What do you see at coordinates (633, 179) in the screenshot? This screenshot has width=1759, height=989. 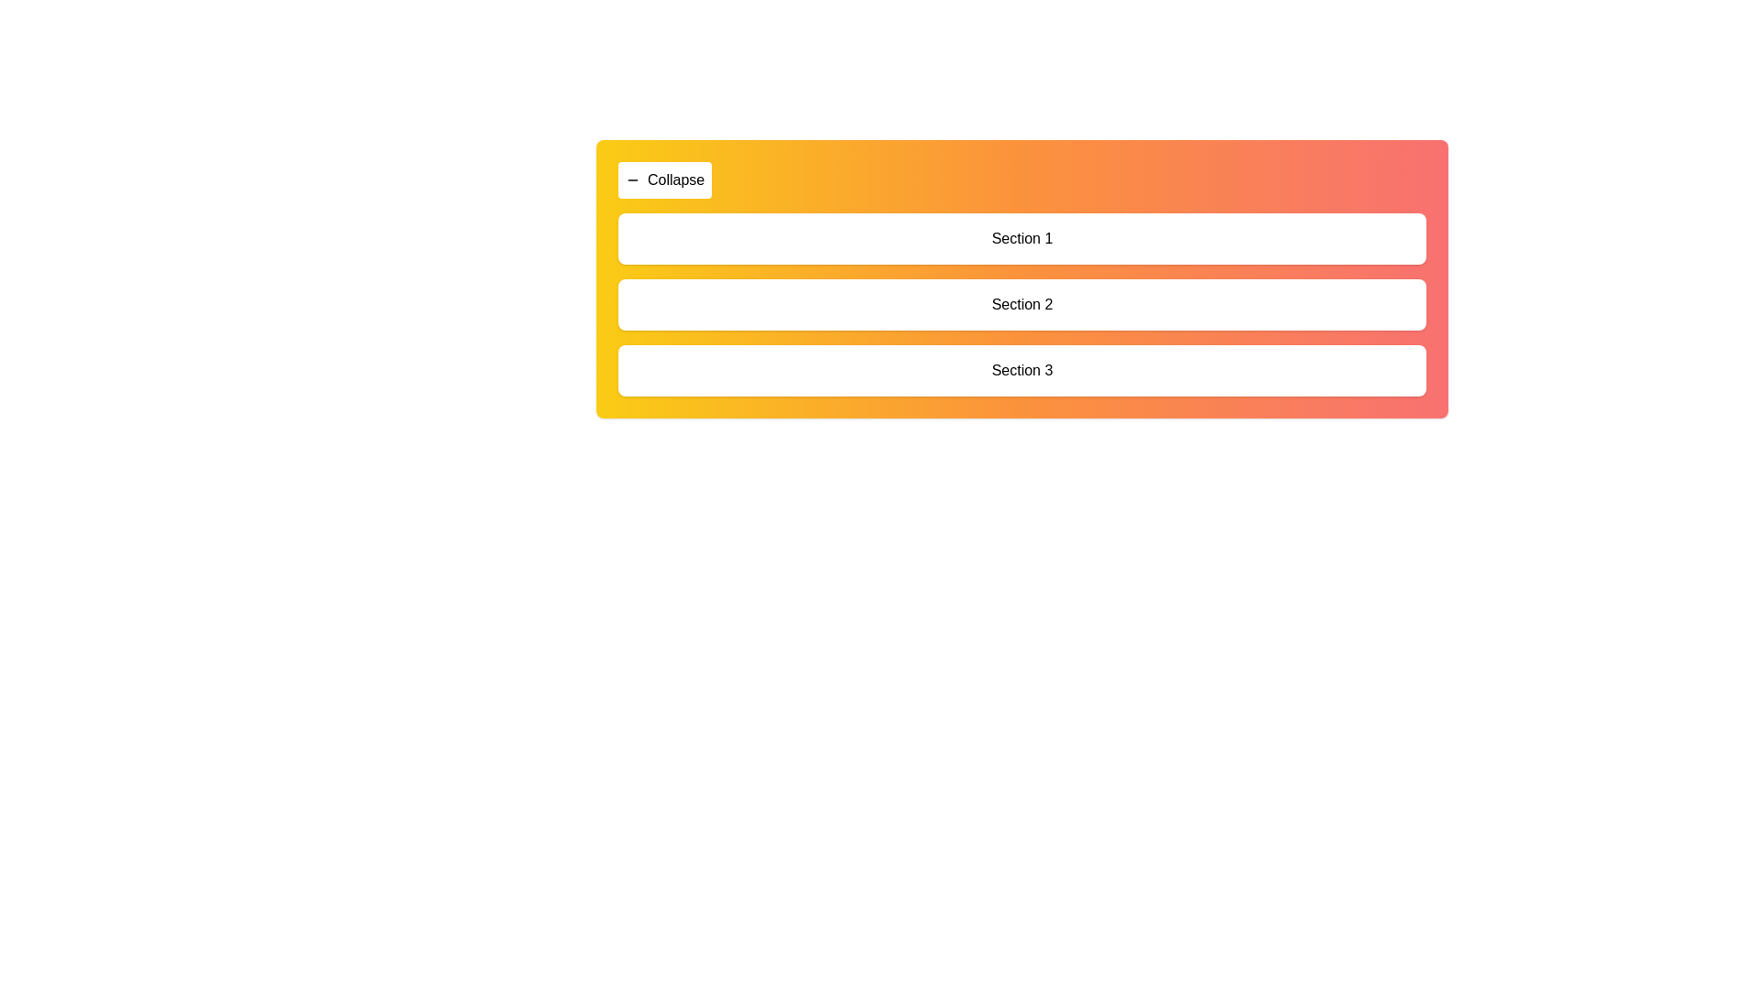 I see `the collapse button that visually represents the collapse functionality, located on the left side of the label text 'Collapse'` at bounding box center [633, 179].